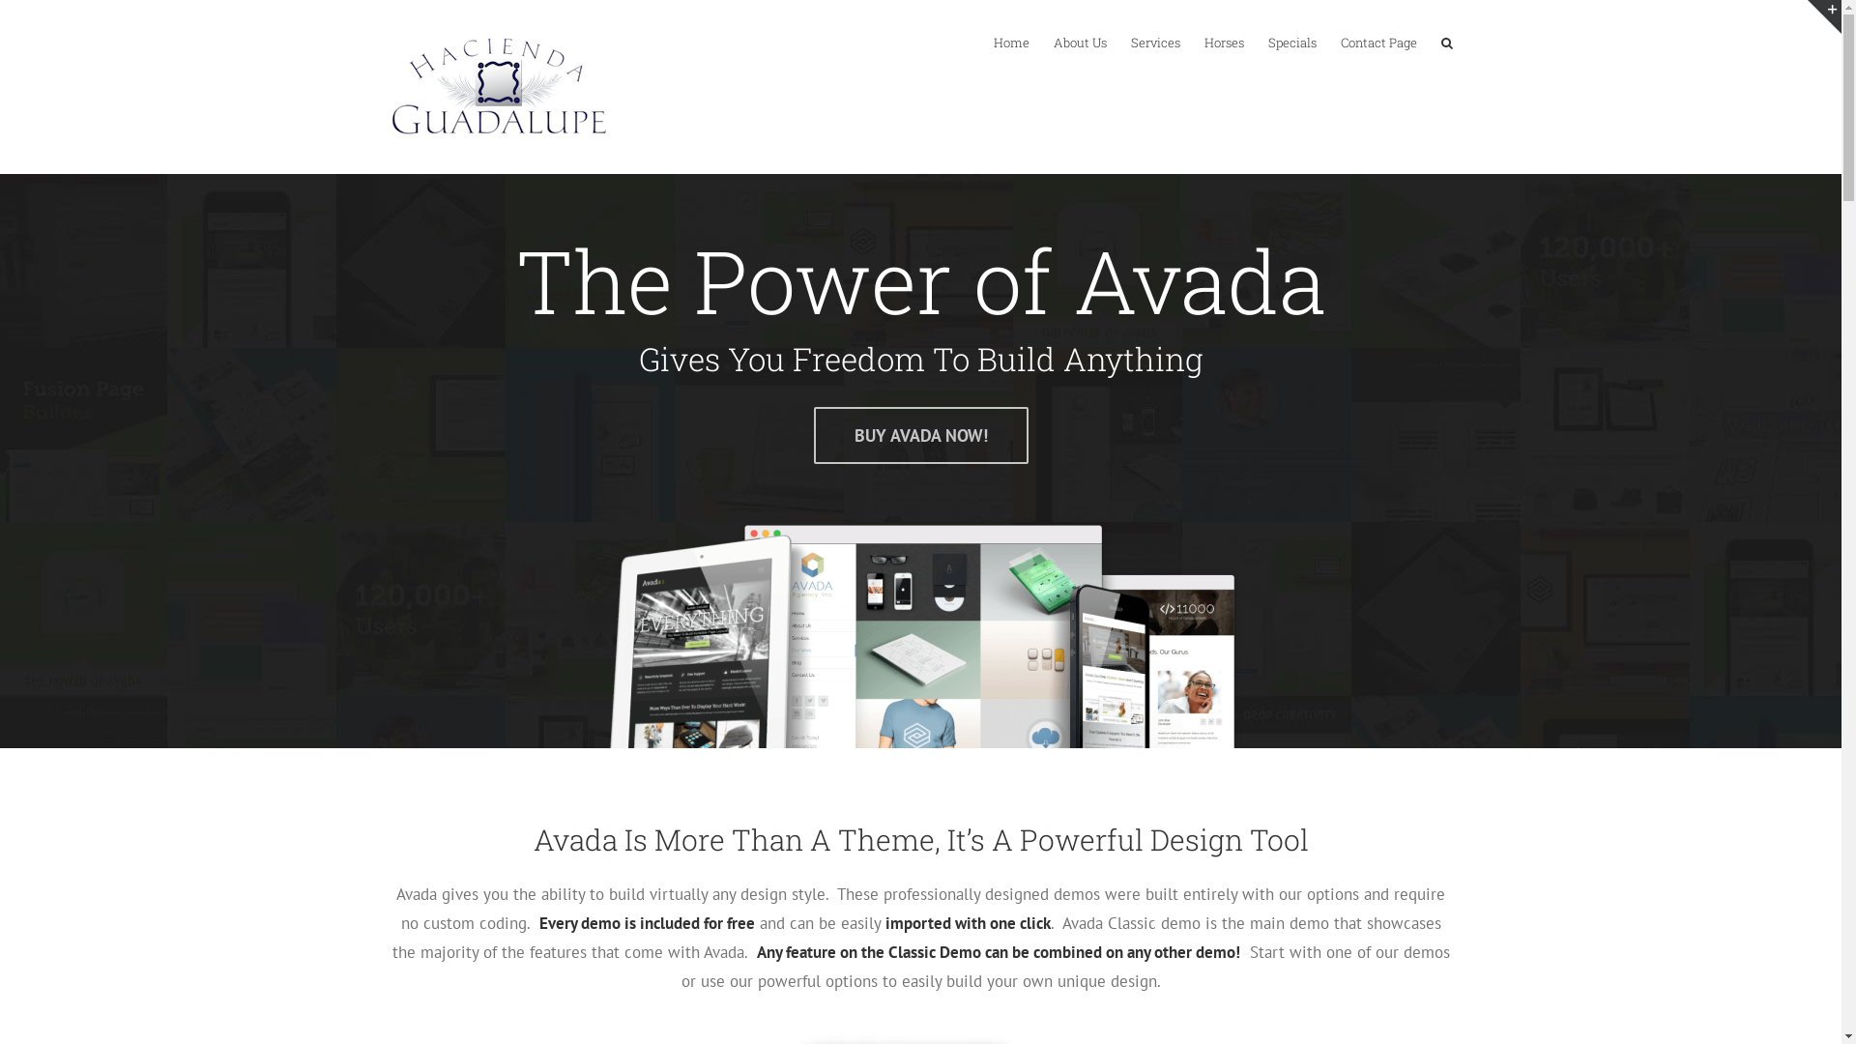 The image size is (1856, 1044). Describe the element at coordinates (1292, 41) in the screenshot. I see `'Specials'` at that location.